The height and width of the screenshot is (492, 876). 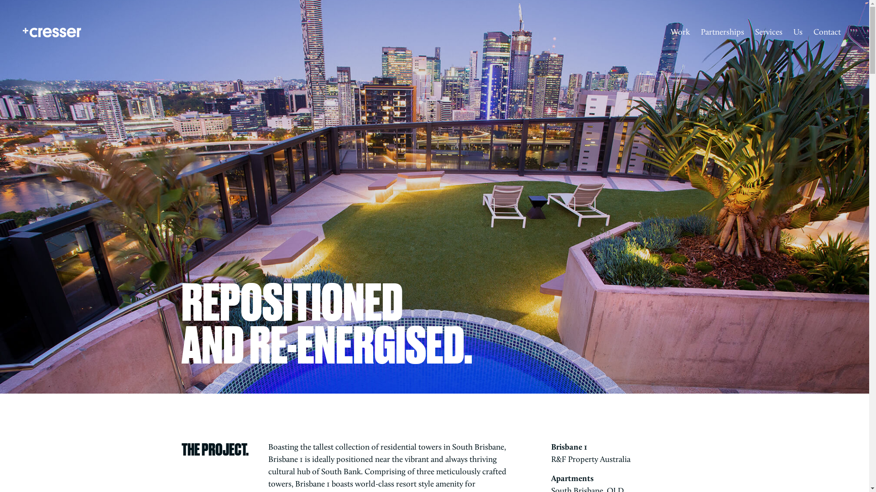 I want to click on 'Partnerships', so click(x=722, y=32).